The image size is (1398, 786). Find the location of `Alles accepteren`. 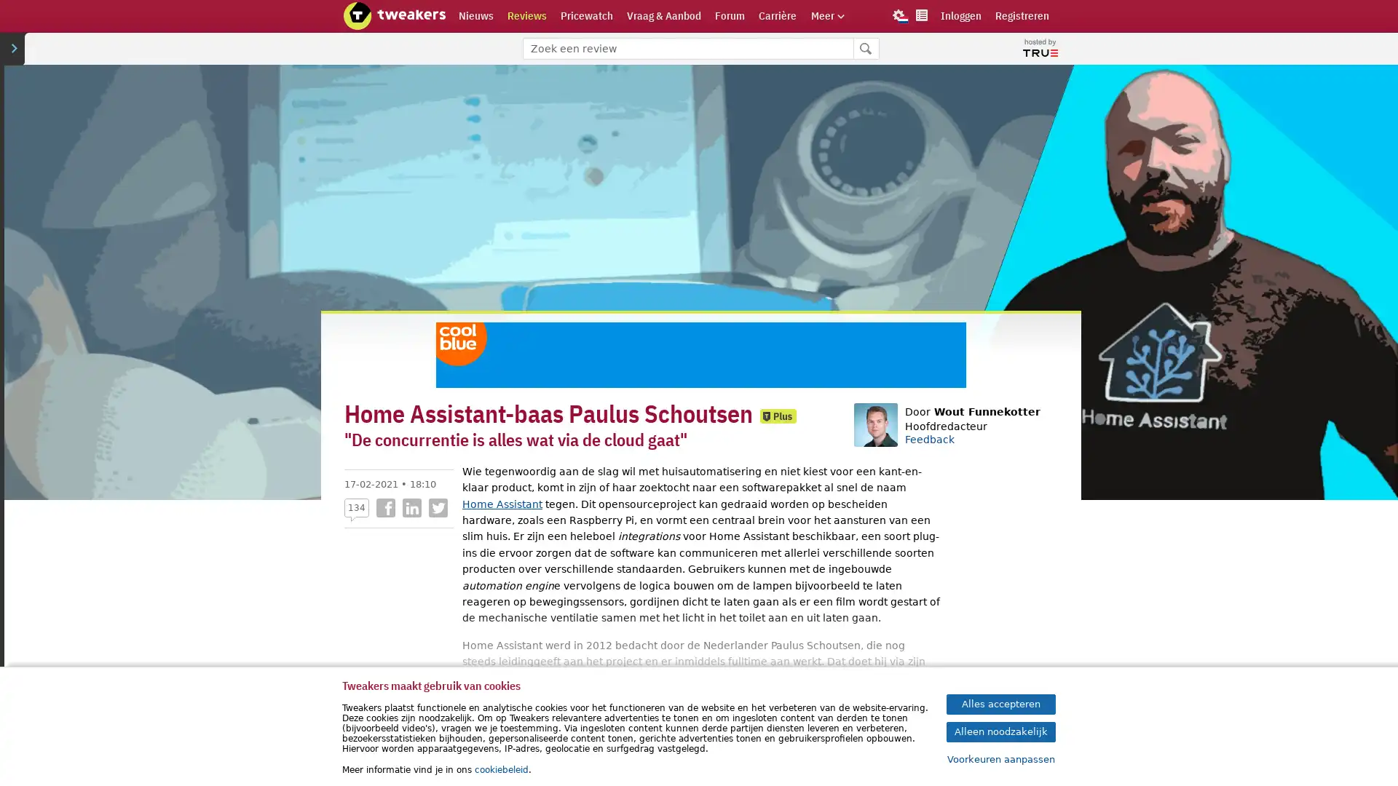

Alles accepteren is located at coordinates (1000, 704).